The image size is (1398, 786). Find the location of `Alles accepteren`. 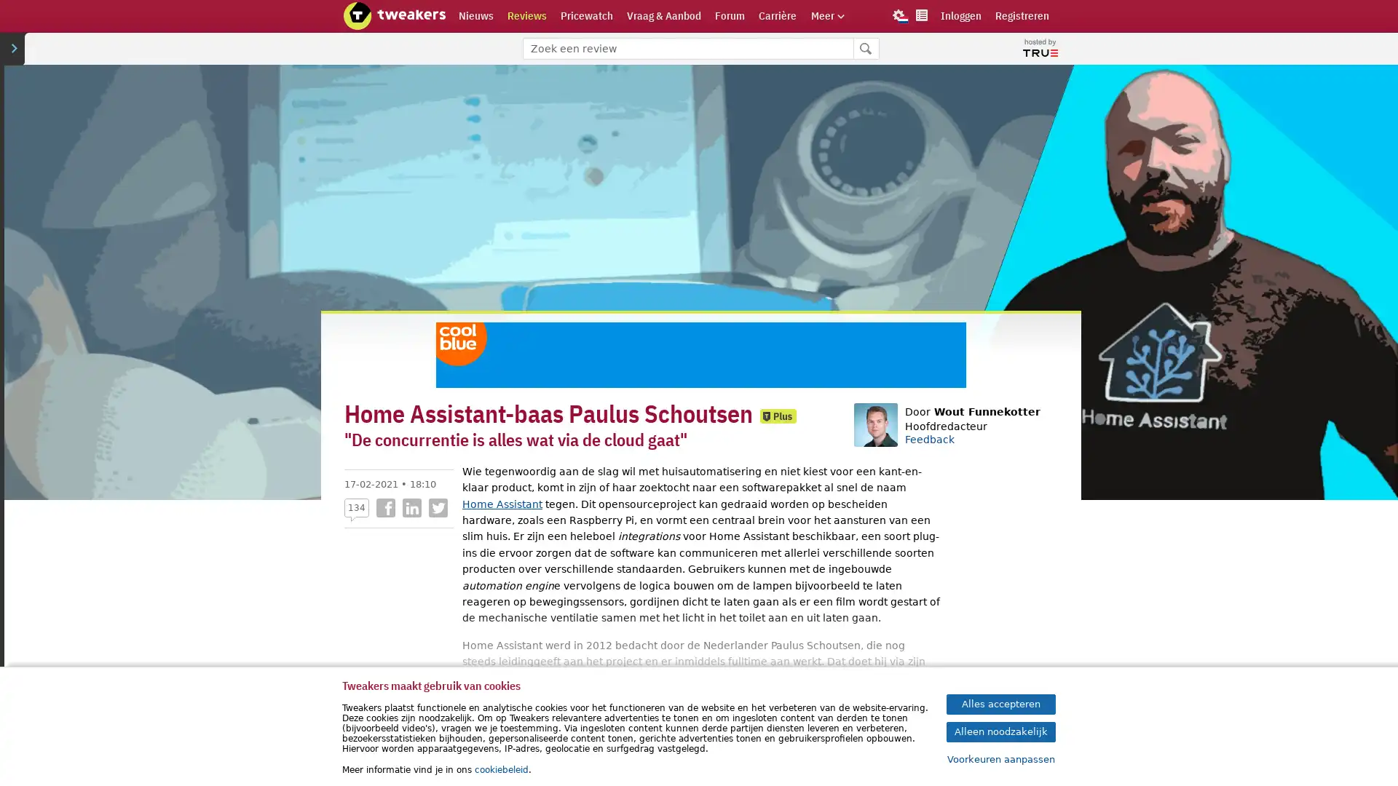

Alles accepteren is located at coordinates (1000, 704).